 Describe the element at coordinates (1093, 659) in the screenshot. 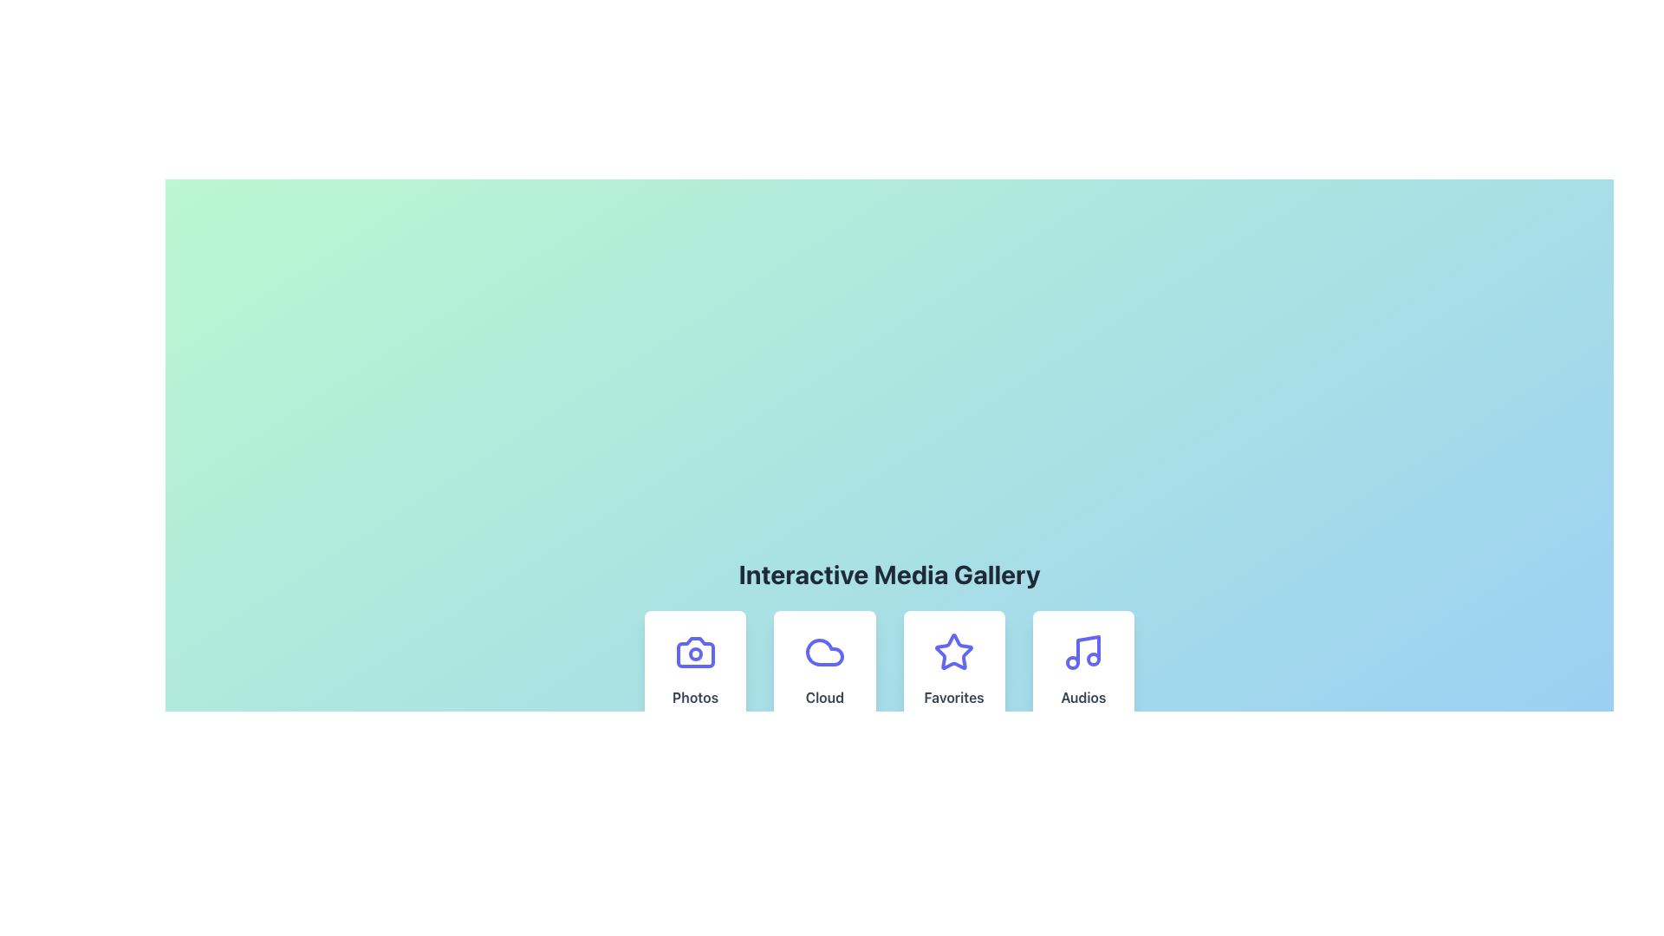

I see `the decorative Circle element of the music icon located in the 'Audios' section, which is the rightmost among the four icons including 'Photos', 'Cloud', and 'Favorites'` at that location.